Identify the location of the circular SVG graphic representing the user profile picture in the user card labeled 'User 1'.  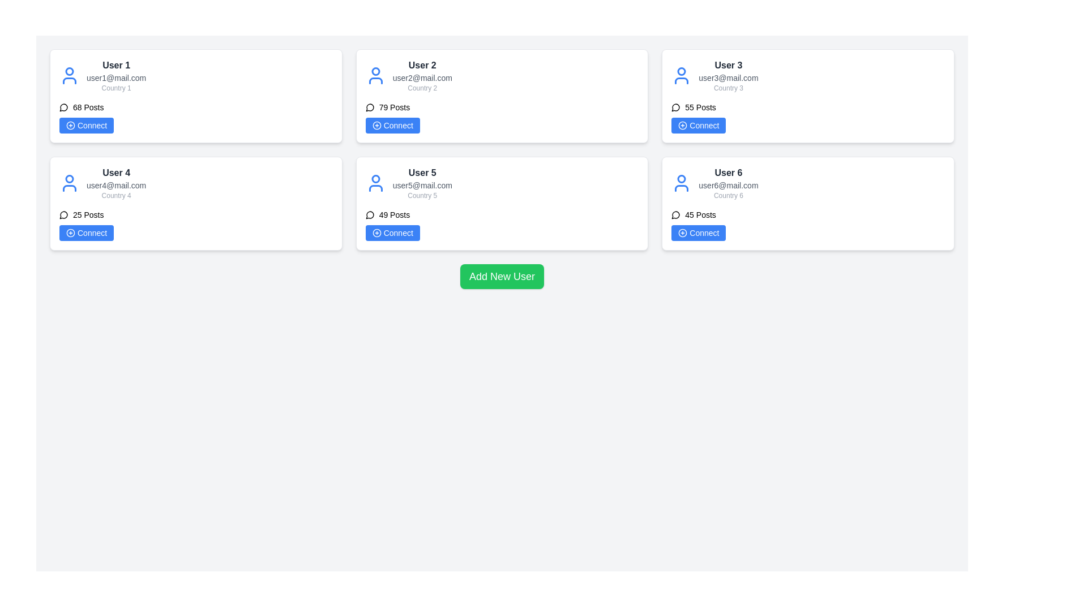
(69, 71).